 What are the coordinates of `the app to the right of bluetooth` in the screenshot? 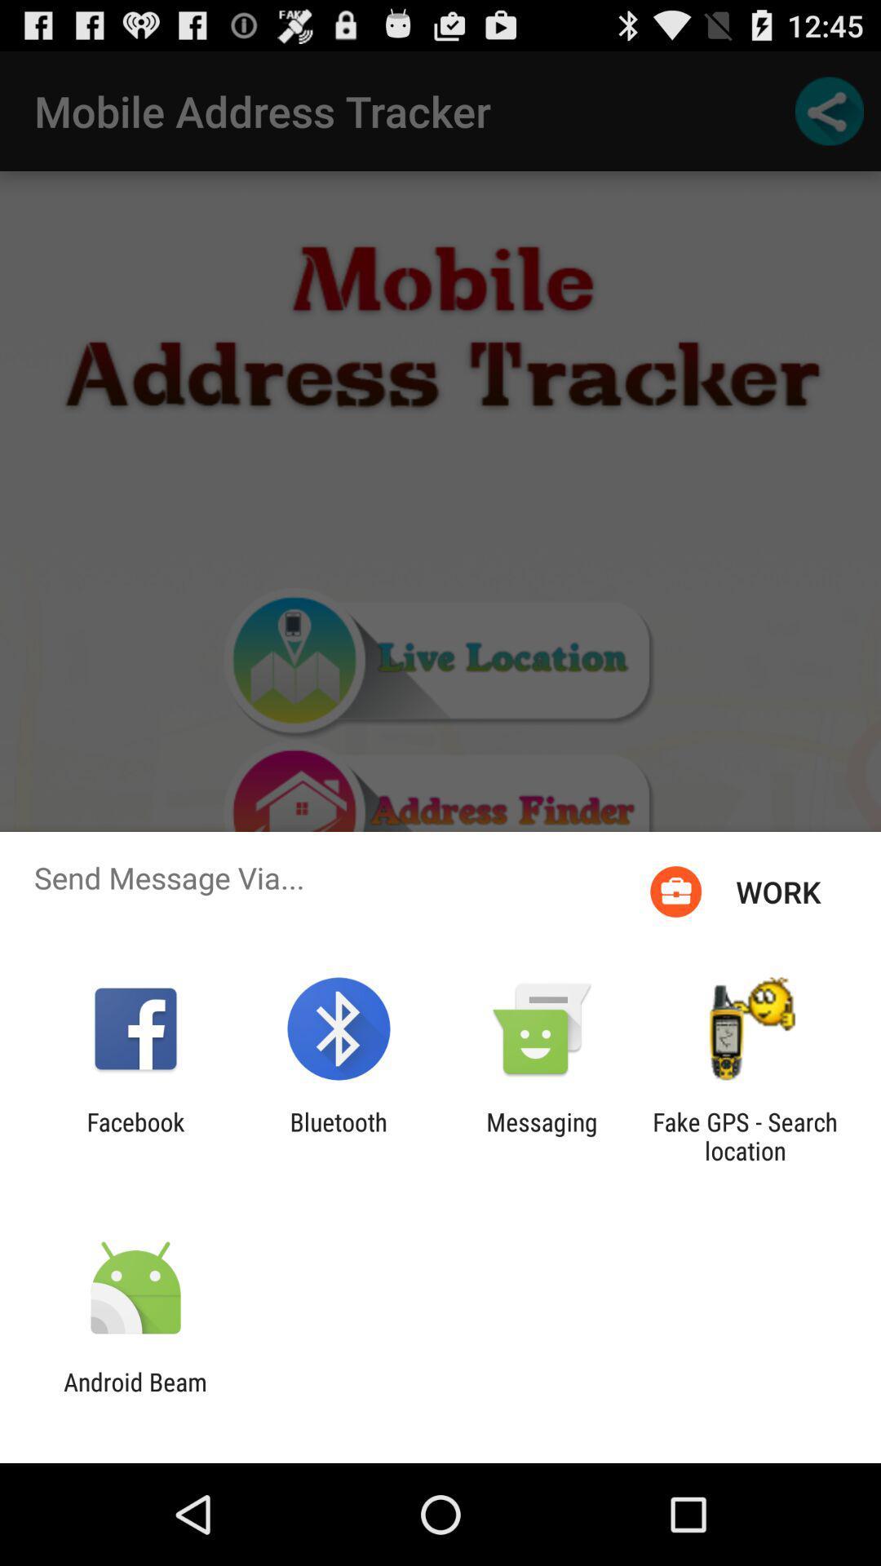 It's located at (542, 1135).